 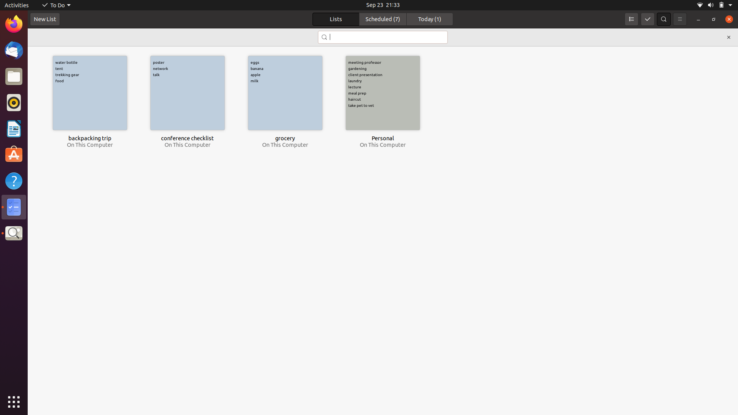 I want to click on the tasks due for today, so click(x=429, y=19).